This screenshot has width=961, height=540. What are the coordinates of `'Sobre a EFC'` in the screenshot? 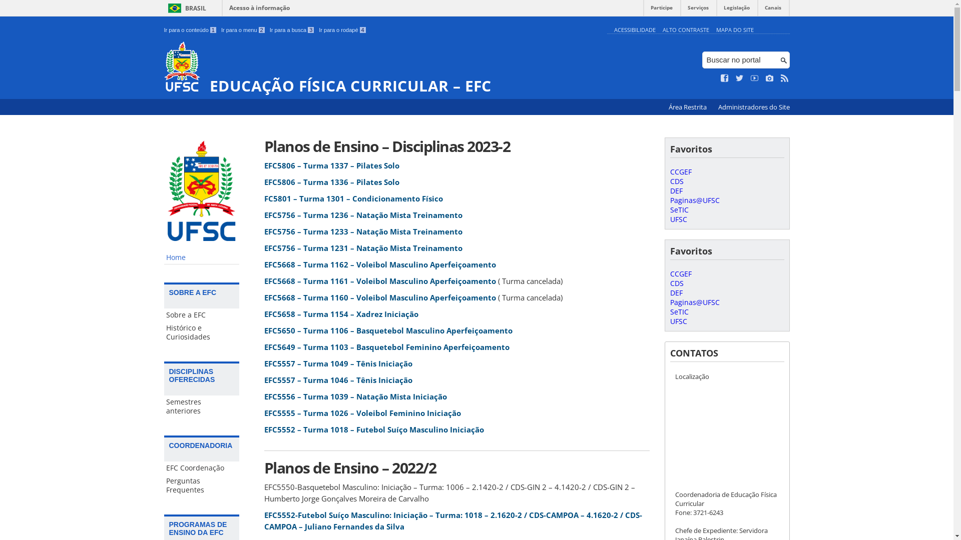 It's located at (201, 314).